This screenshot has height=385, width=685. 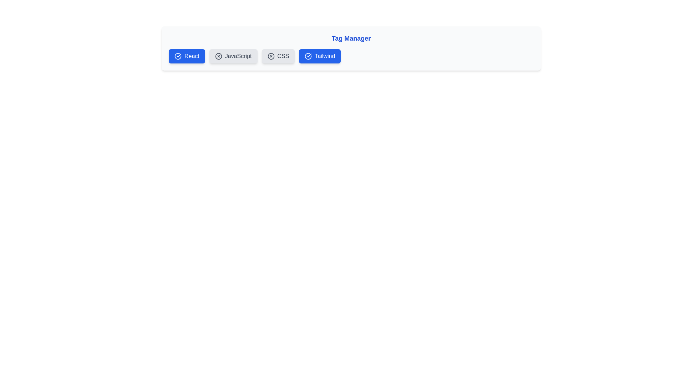 I want to click on the tag labeled Tailwind to observe hover effects, so click(x=319, y=56).